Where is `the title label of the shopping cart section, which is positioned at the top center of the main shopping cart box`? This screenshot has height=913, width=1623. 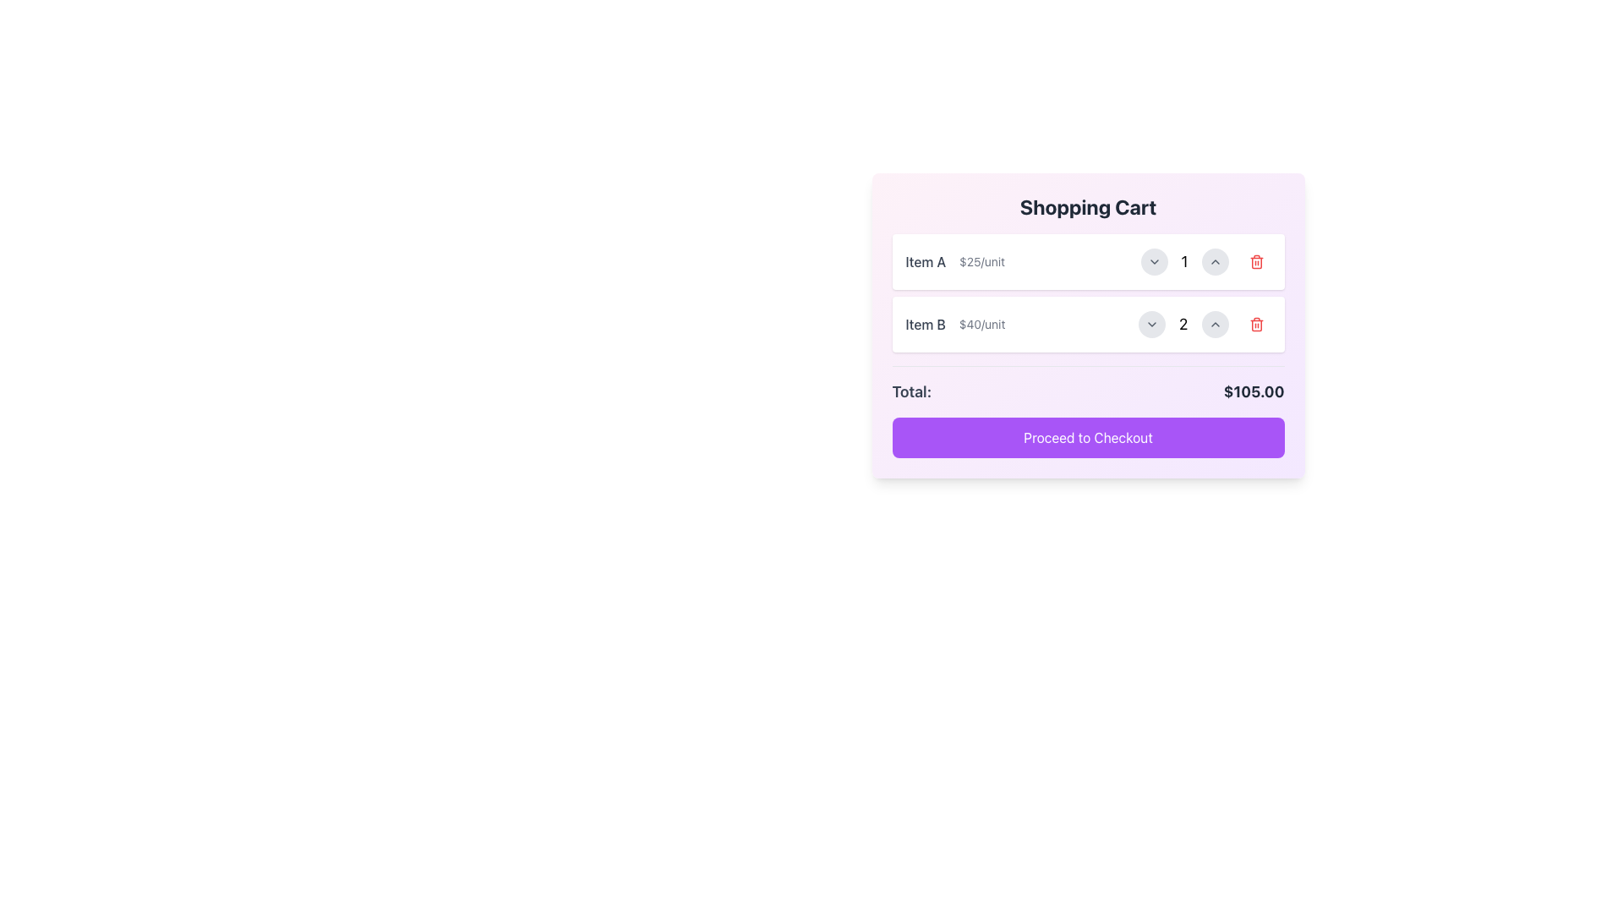 the title label of the shopping cart section, which is positioned at the top center of the main shopping cart box is located at coordinates (1088, 206).